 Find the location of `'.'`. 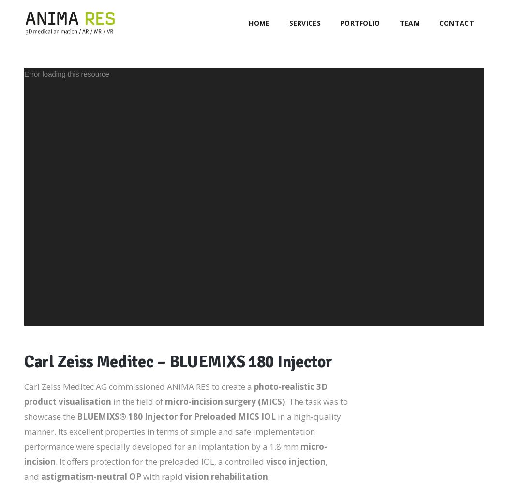

'.' is located at coordinates (269, 476).